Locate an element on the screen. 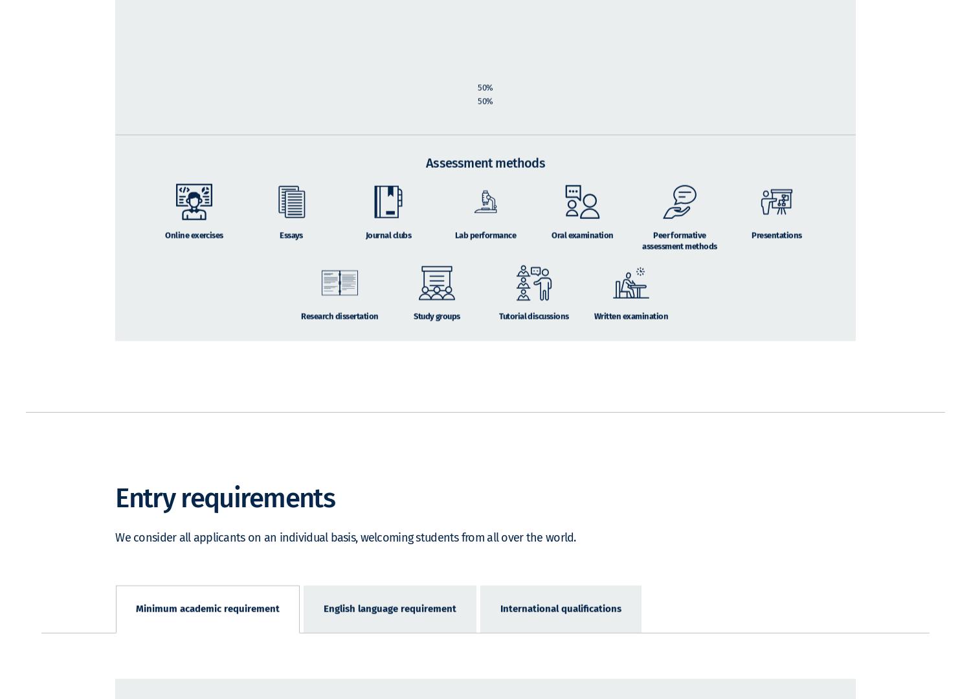 The image size is (971, 699). 'Taught modules' is located at coordinates (430, 5).